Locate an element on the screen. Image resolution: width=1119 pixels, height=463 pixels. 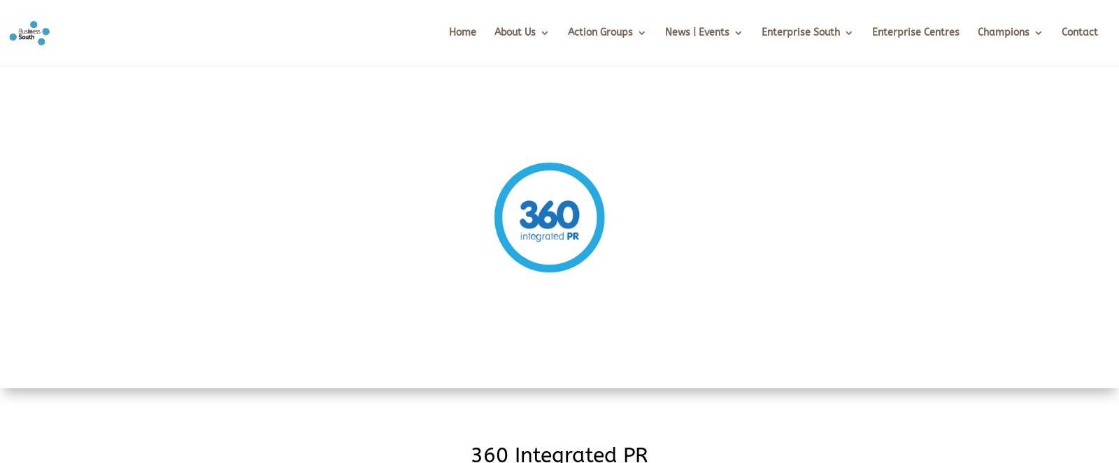
'Enterprise South' is located at coordinates (800, 31).